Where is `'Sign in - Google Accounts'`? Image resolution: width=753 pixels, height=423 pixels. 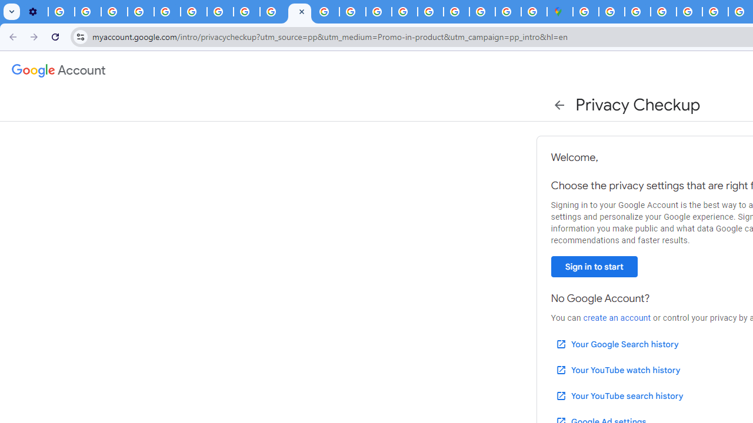 'Sign in - Google Accounts' is located at coordinates (612, 12).